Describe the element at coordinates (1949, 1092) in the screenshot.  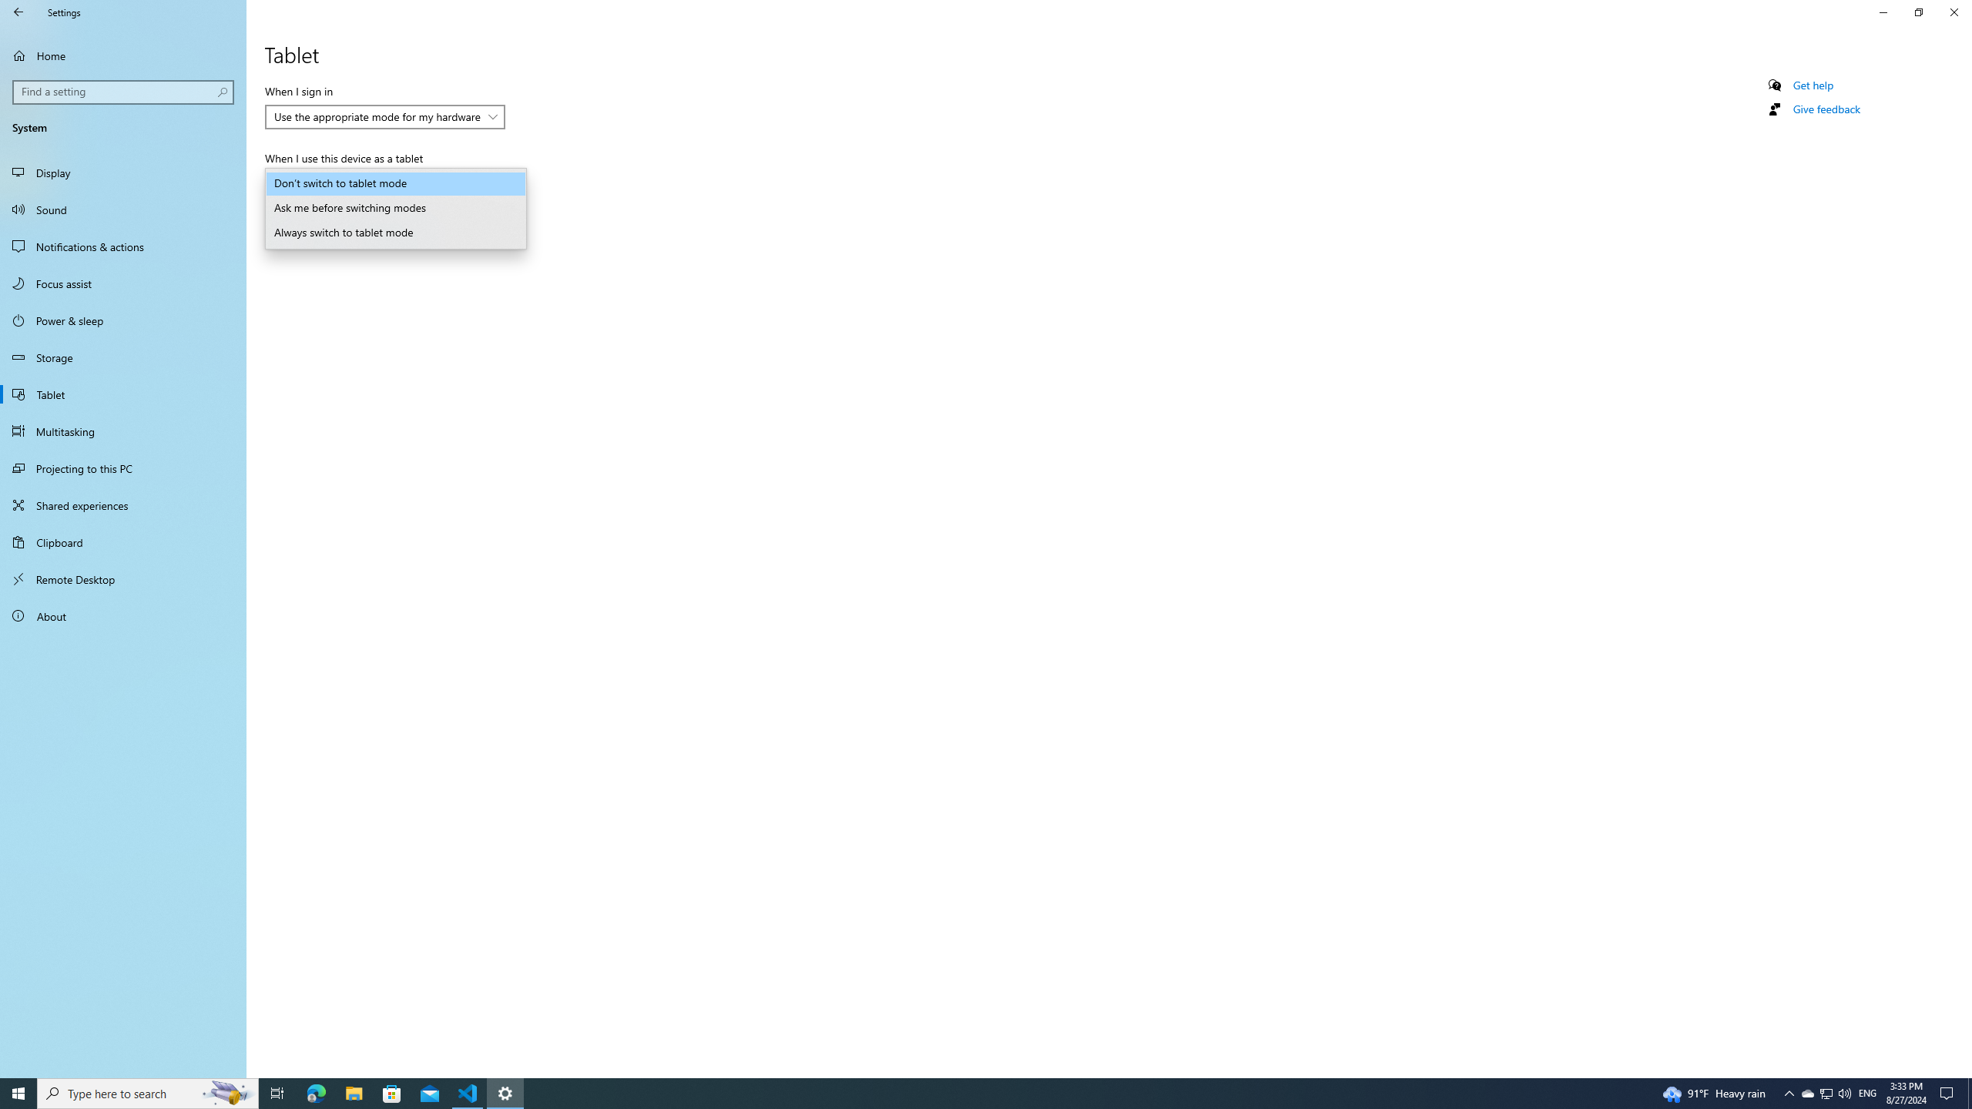
I see `'Action Center, No new notifications'` at that location.